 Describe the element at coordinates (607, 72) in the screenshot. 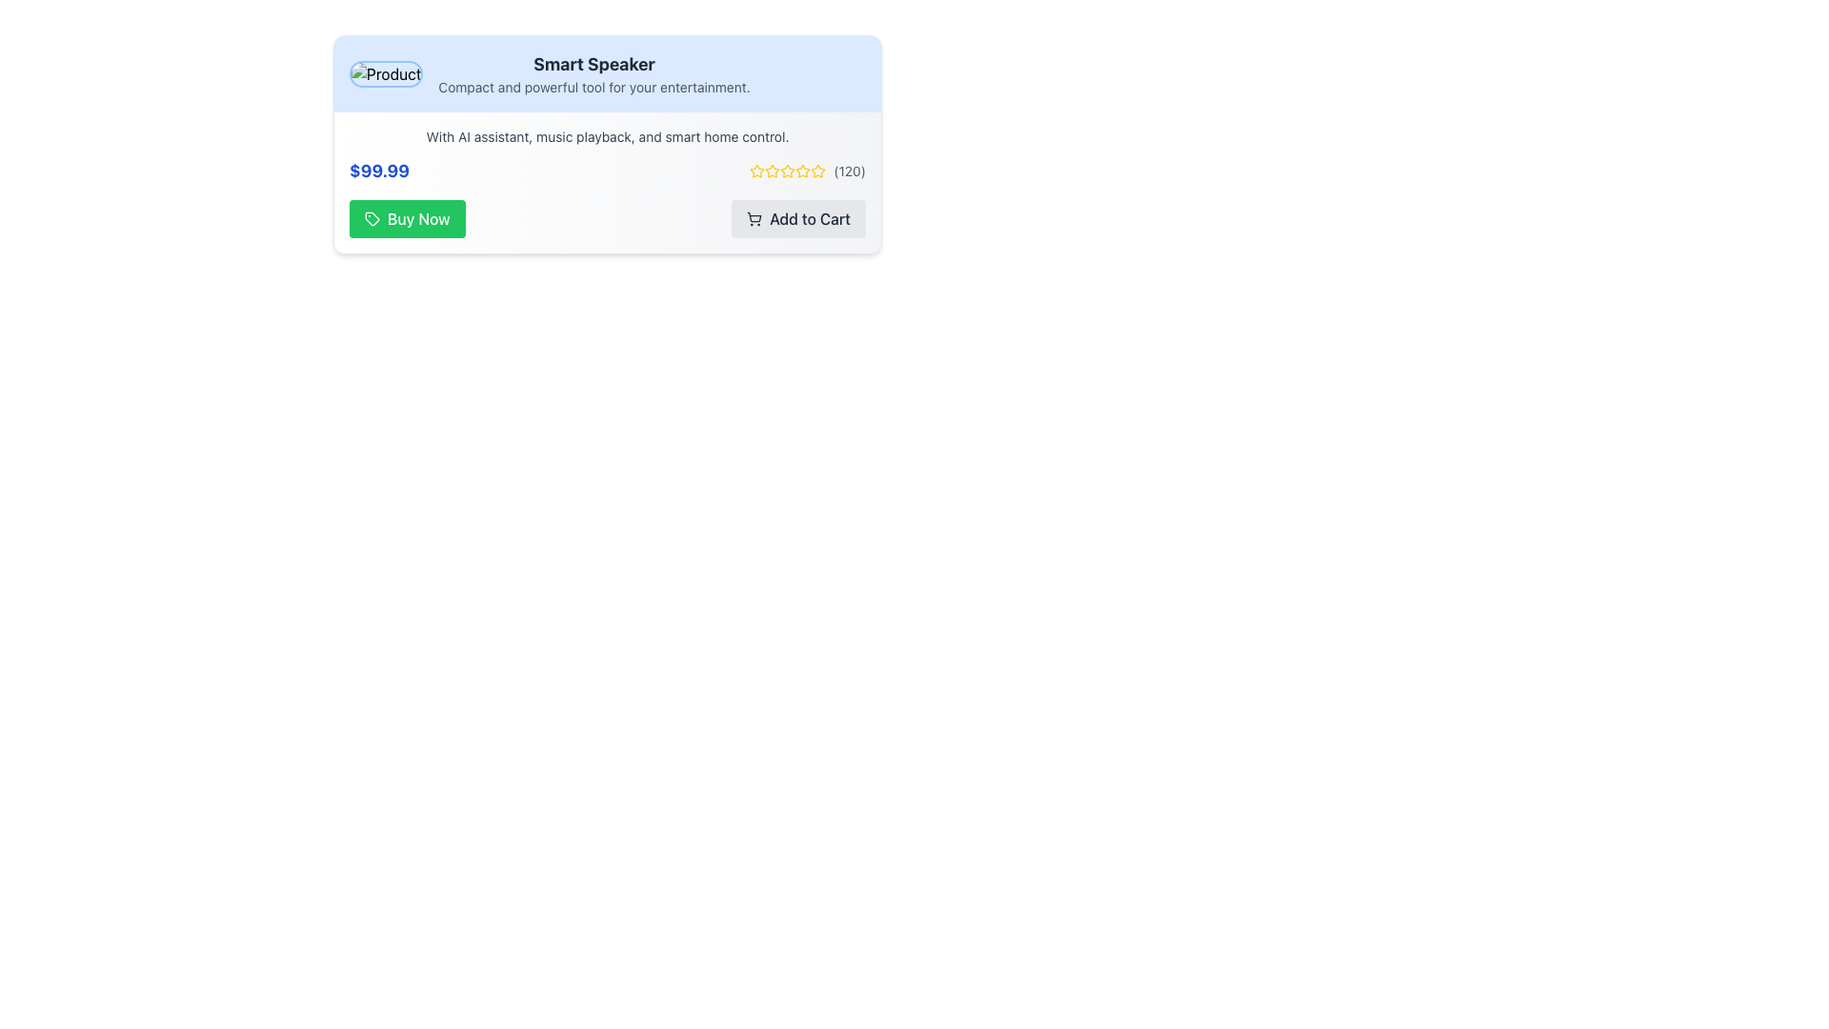

I see `the Product Description Panel located at the upper portion of the product card, which provides an overview including the product's name and key features` at that location.